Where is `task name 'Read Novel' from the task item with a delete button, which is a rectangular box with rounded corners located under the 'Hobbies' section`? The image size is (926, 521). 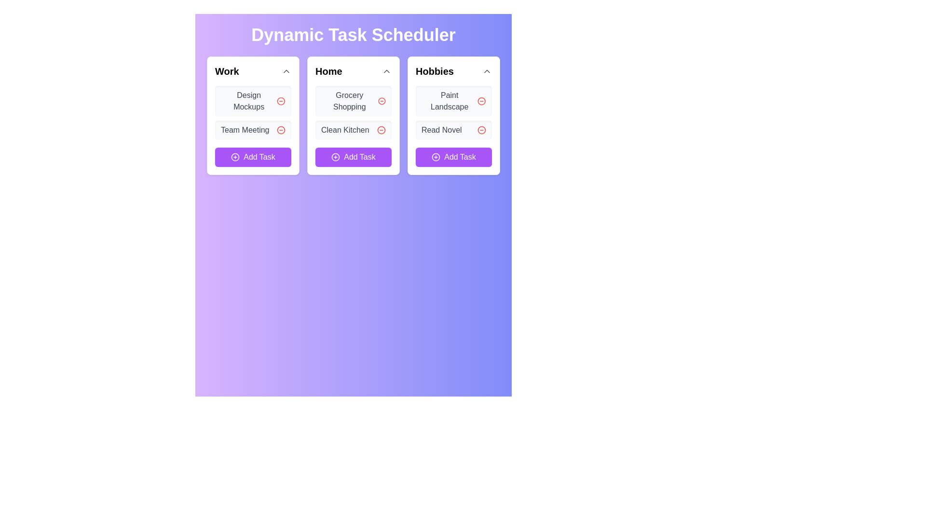
task name 'Read Novel' from the task item with a delete button, which is a rectangular box with rounded corners located under the 'Hobbies' section is located at coordinates (453, 130).